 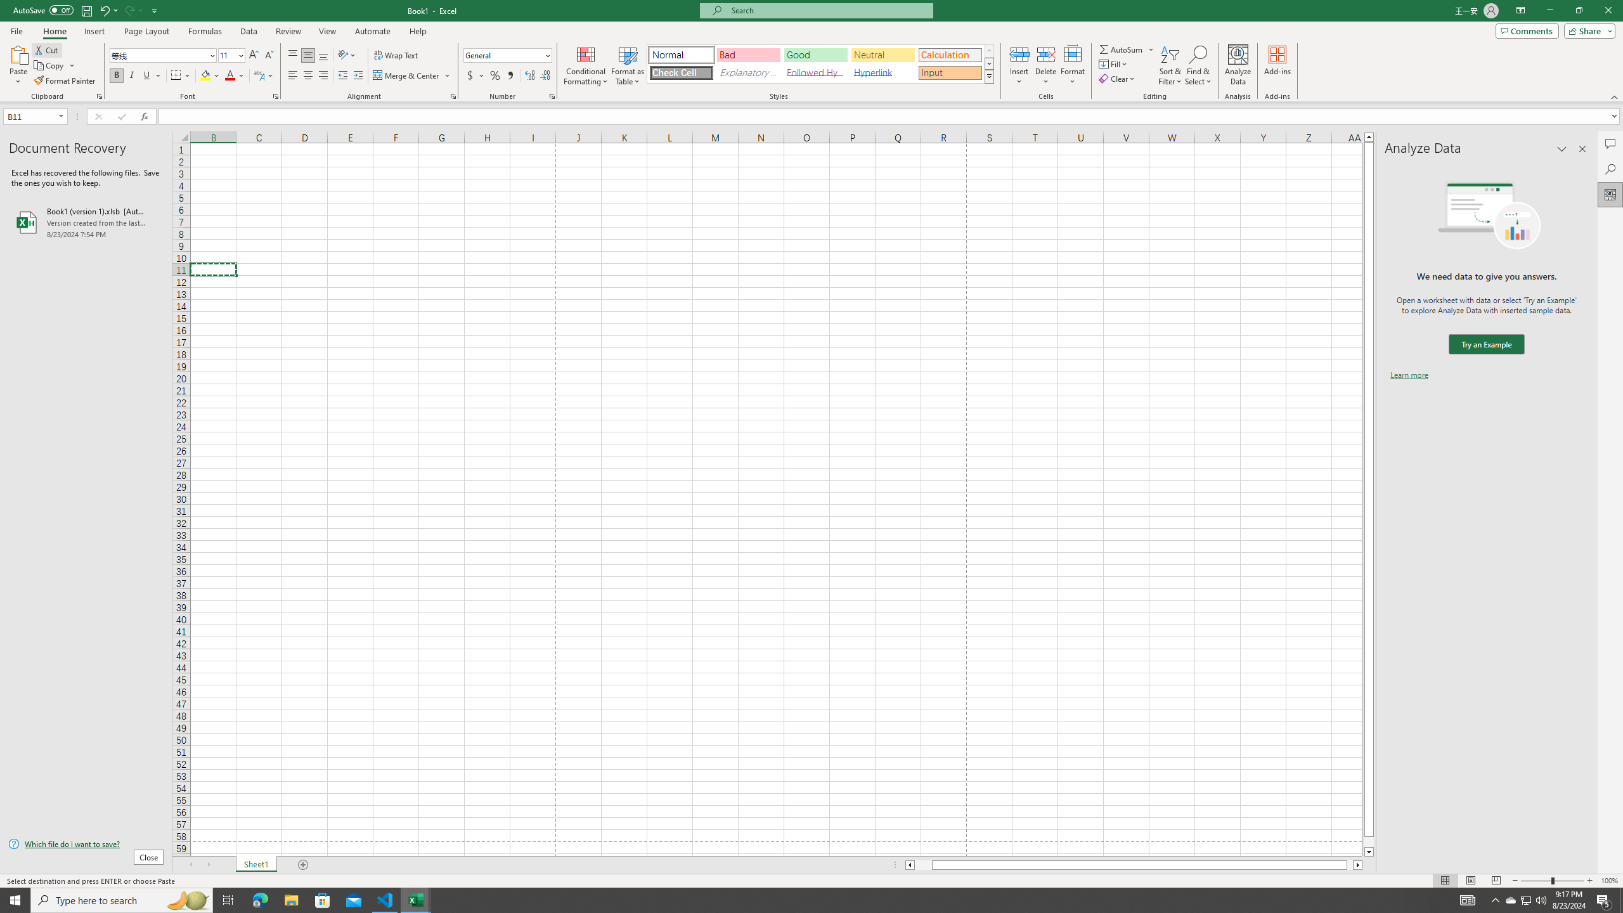 What do you see at coordinates (1073, 65) in the screenshot?
I see `'Format'` at bounding box center [1073, 65].